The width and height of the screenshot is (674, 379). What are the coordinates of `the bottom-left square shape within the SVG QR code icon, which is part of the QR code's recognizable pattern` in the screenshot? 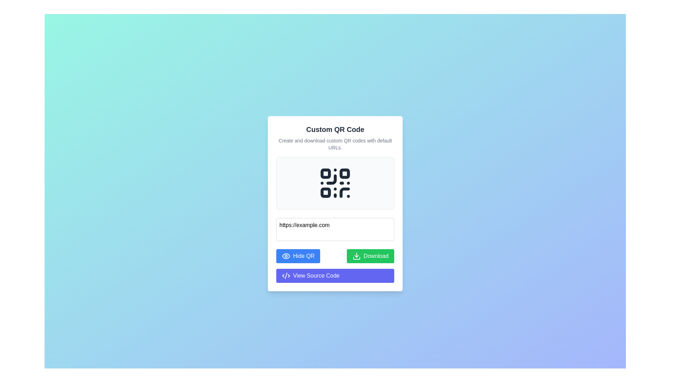 It's located at (325, 192).